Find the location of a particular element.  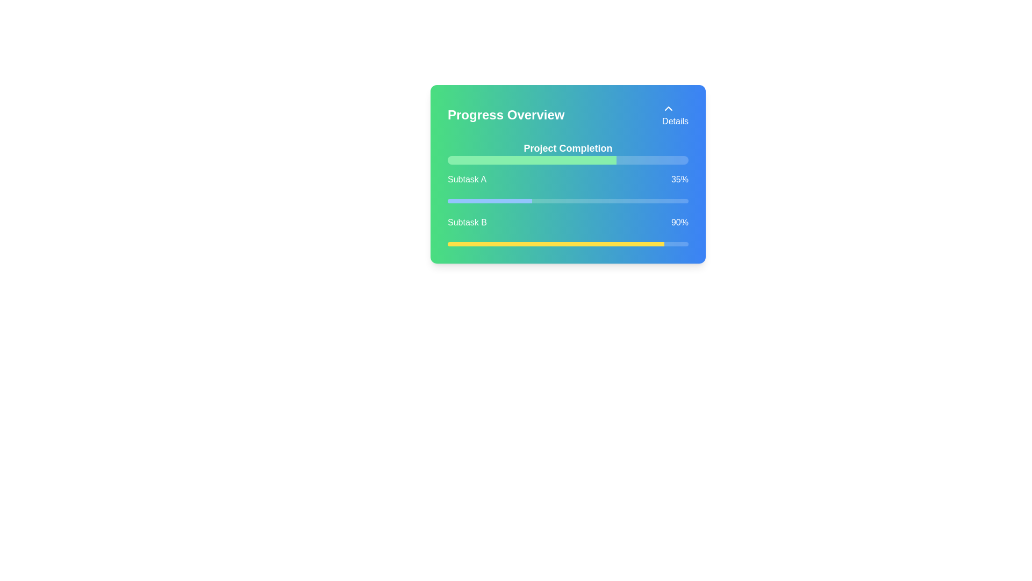

the second progress bar in the vertical list, which is partially filled with a blue segment and is located below the label 'Subtask A' indicating '35%' is located at coordinates (567, 201).